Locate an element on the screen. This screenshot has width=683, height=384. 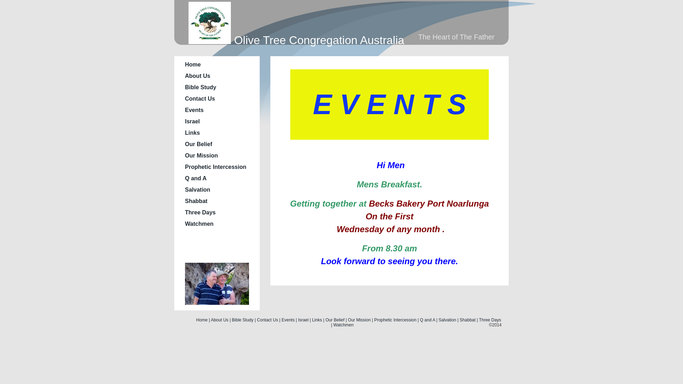
'Shabbat' is located at coordinates (196, 201).